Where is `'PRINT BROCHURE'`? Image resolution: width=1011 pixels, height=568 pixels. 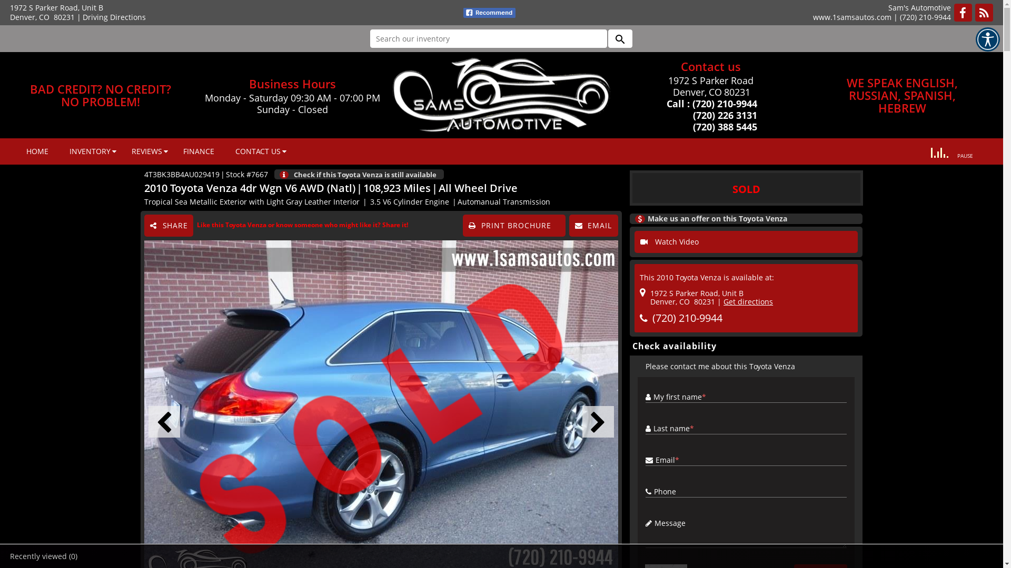 'PRINT BROCHURE' is located at coordinates (514, 225).